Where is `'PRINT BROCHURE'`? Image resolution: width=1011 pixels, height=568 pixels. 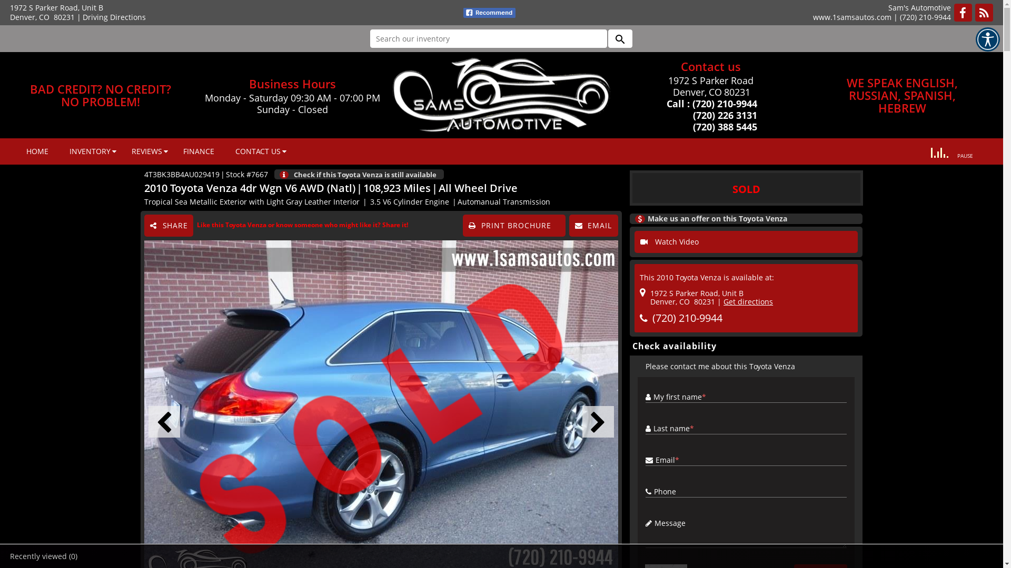 'PRINT BROCHURE' is located at coordinates (514, 225).